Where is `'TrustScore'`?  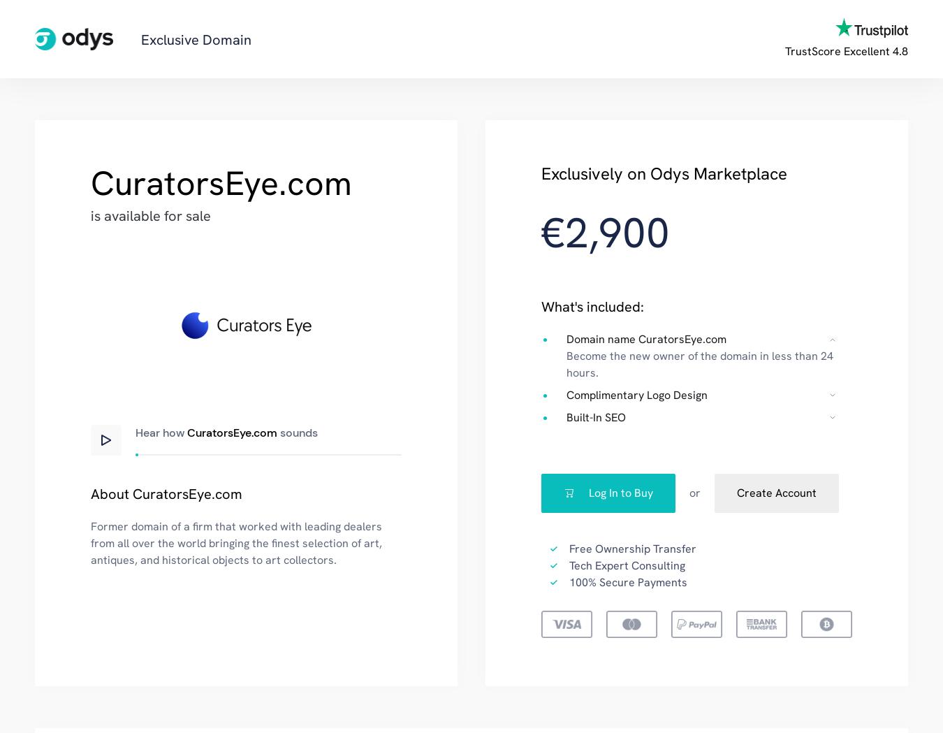
'TrustScore' is located at coordinates (812, 51).